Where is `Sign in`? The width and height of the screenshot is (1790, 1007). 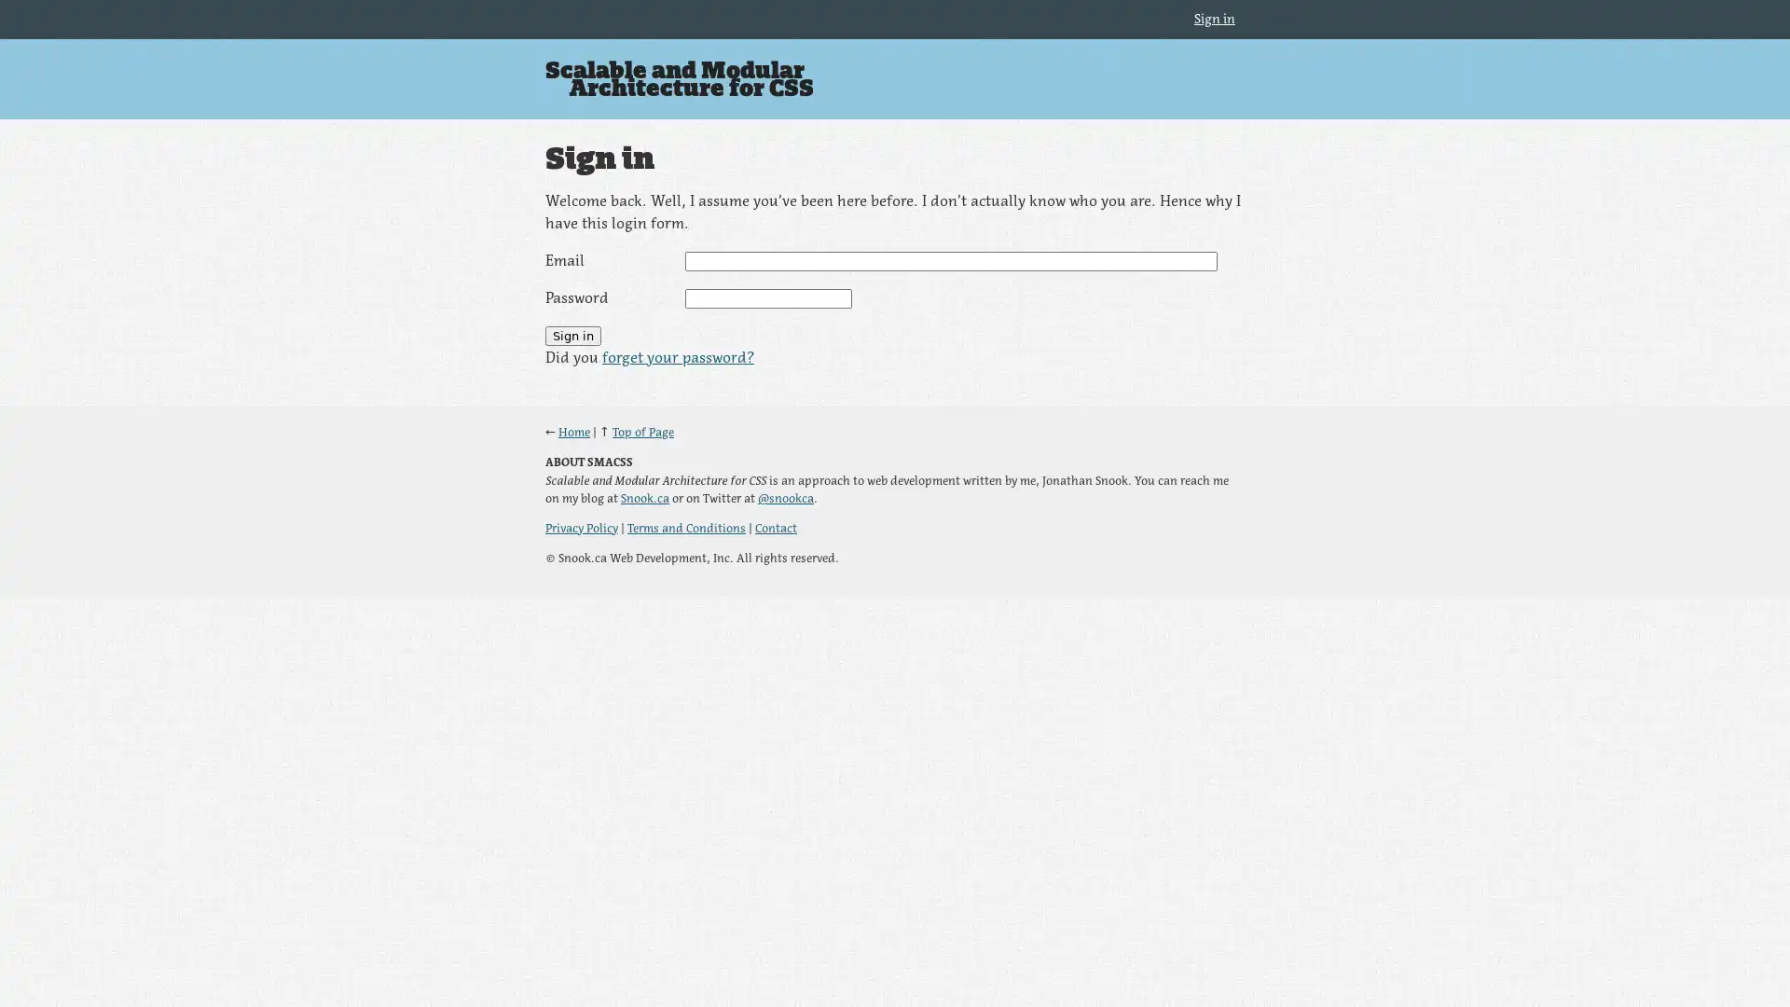 Sign in is located at coordinates (571, 336).